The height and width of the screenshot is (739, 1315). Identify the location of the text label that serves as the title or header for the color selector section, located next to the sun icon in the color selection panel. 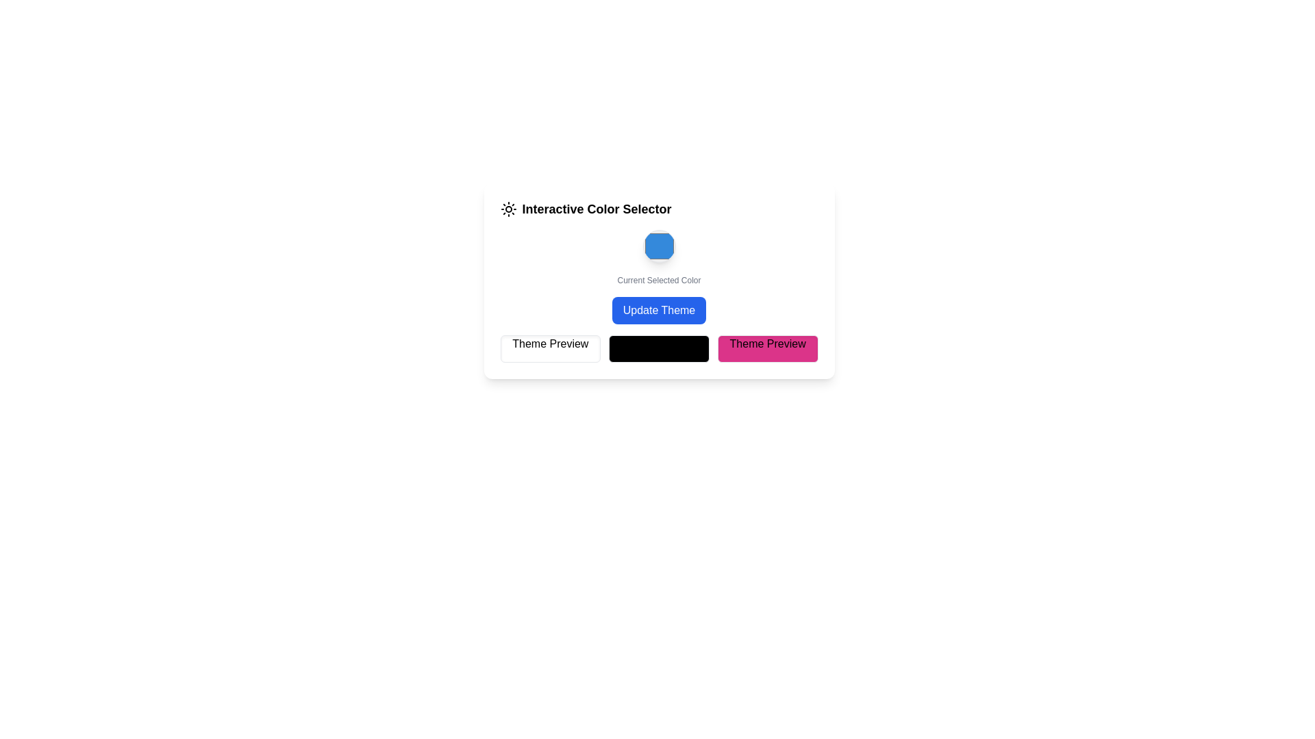
(597, 209).